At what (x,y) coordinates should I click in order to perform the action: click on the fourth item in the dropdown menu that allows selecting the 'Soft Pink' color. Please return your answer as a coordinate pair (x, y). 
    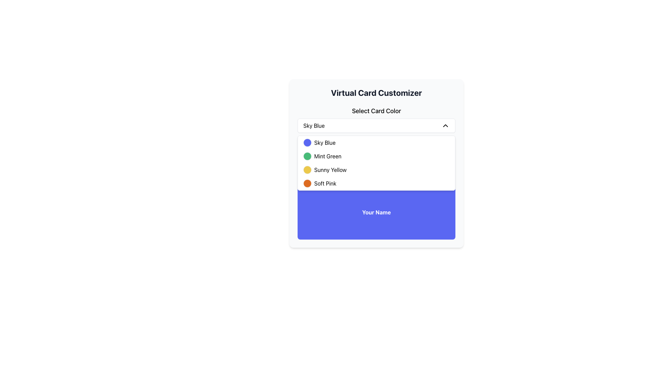
    Looking at the image, I should click on (376, 183).